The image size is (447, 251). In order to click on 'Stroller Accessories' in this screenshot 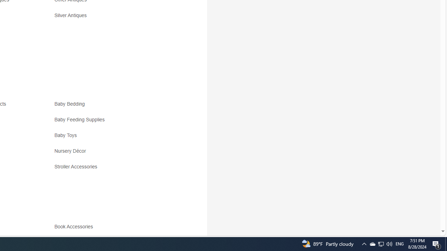, I will do `click(116, 169)`.